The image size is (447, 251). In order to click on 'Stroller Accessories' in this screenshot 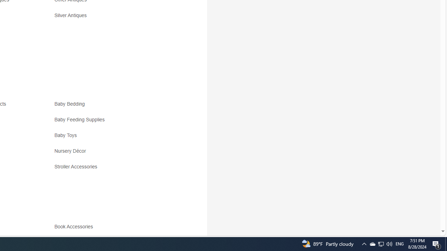, I will do `click(116, 169)`.